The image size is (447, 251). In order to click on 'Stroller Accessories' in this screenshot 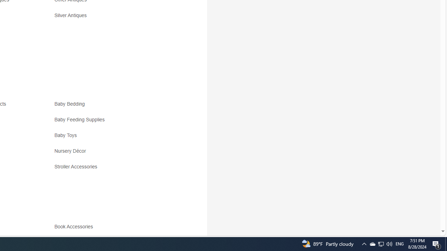, I will do `click(116, 169)`.